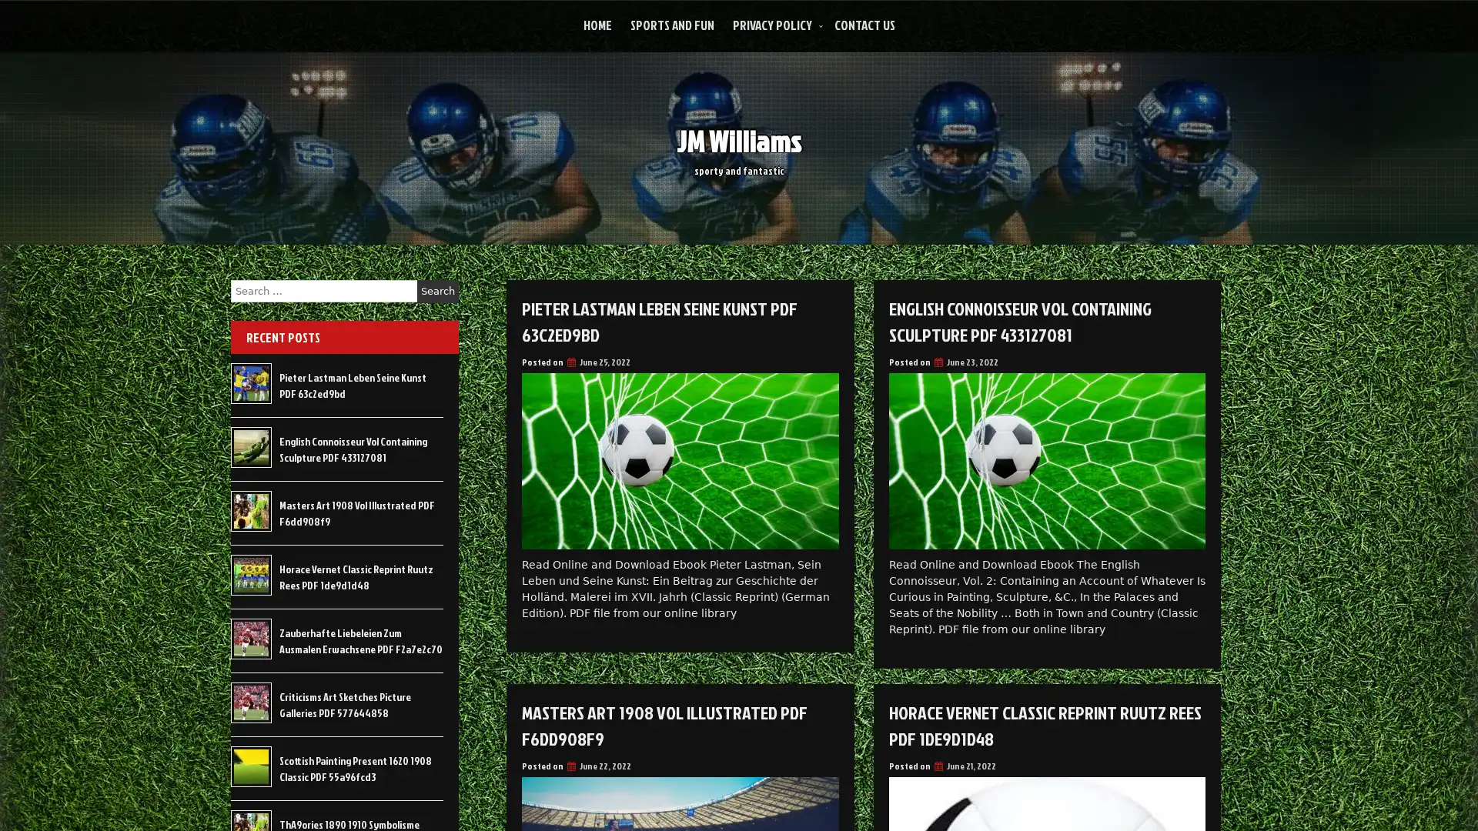 Image resolution: width=1478 pixels, height=831 pixels. What do you see at coordinates (437, 291) in the screenshot?
I see `Search` at bounding box center [437, 291].